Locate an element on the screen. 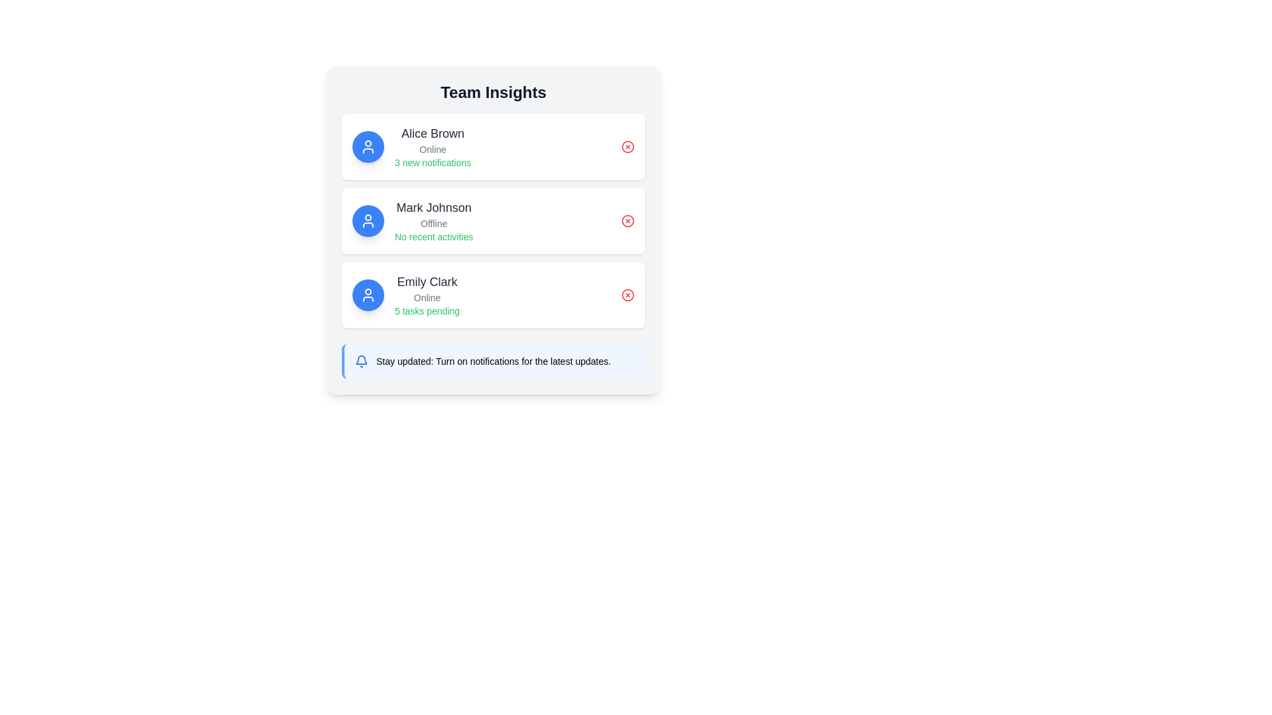 Image resolution: width=1272 pixels, height=715 pixels. the user icon for 'Alice Brown', which is a white line-drawn icon on a blue circular background, located to the left of the text in the first list item is located at coordinates (368, 147).